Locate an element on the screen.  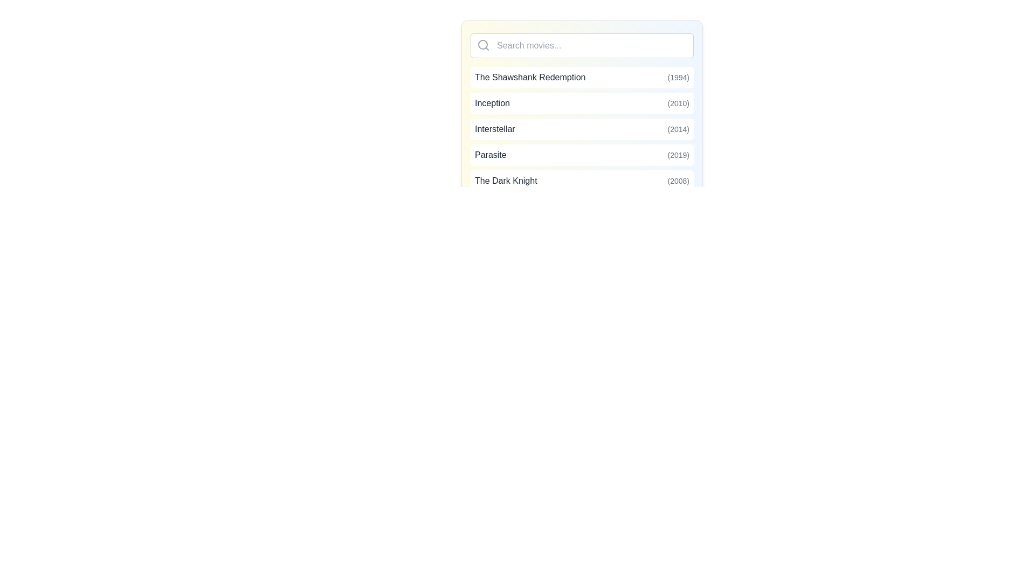
the first item in the vertical list of movie titles located at the top of the list is located at coordinates (582, 77).